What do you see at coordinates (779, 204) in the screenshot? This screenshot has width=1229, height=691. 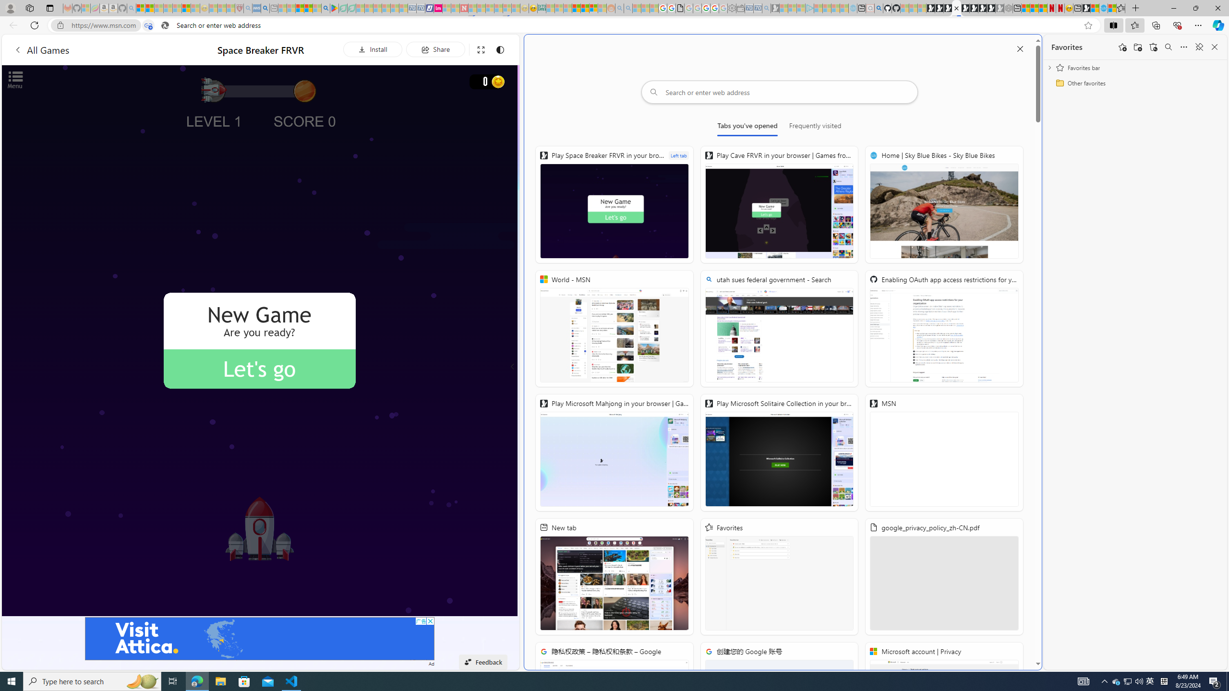 I see `'Play Cave FRVR in your browser | Games from Microsoft Start'` at bounding box center [779, 204].